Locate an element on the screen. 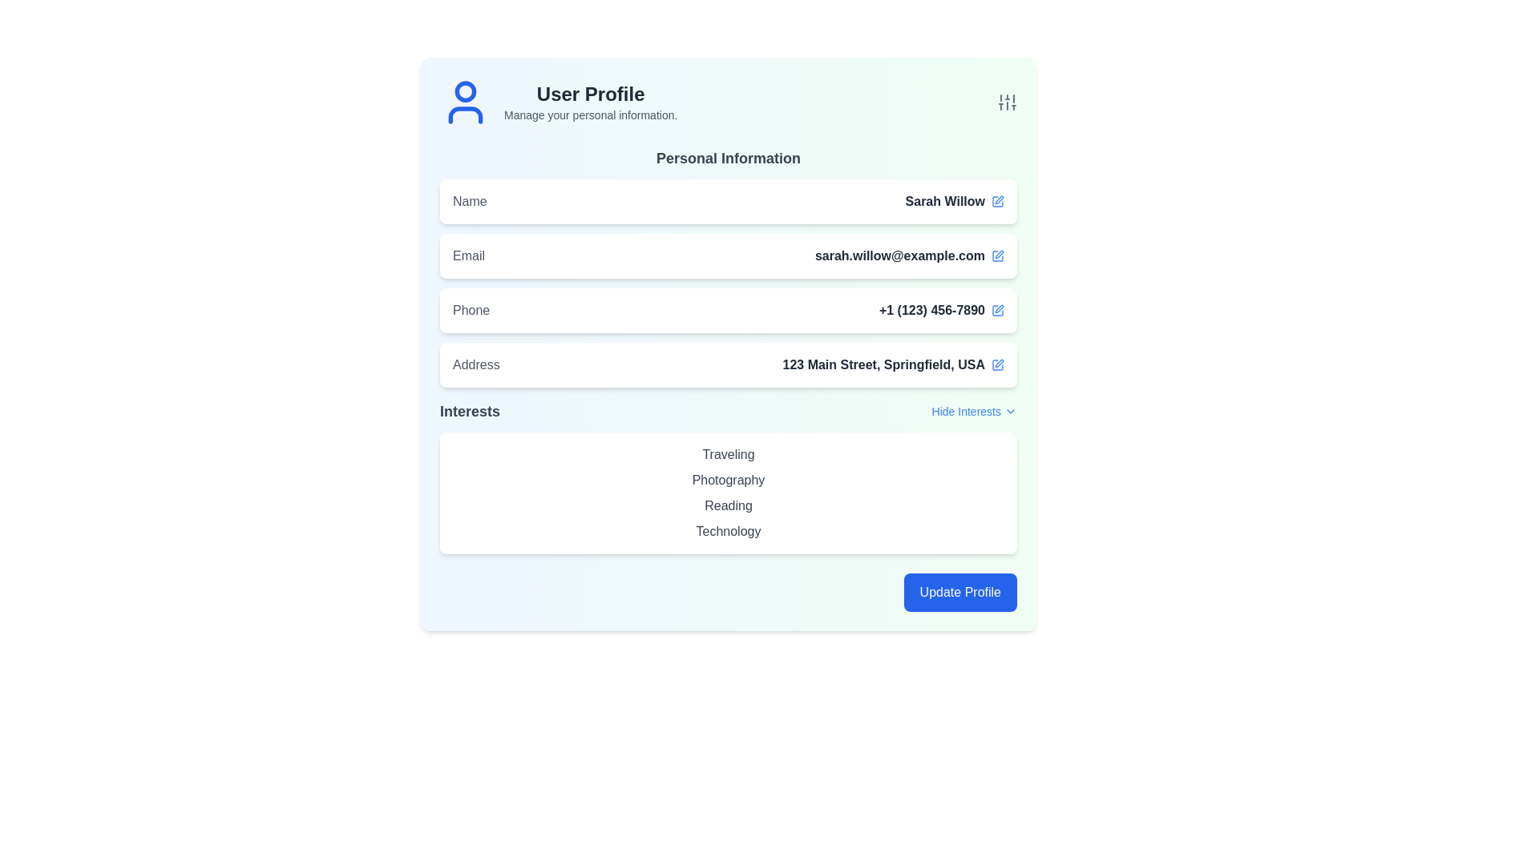 The height and width of the screenshot is (865, 1539). the edit icon associated with the 'Address' field in the user profile interface to initiate editing is located at coordinates (999, 364).